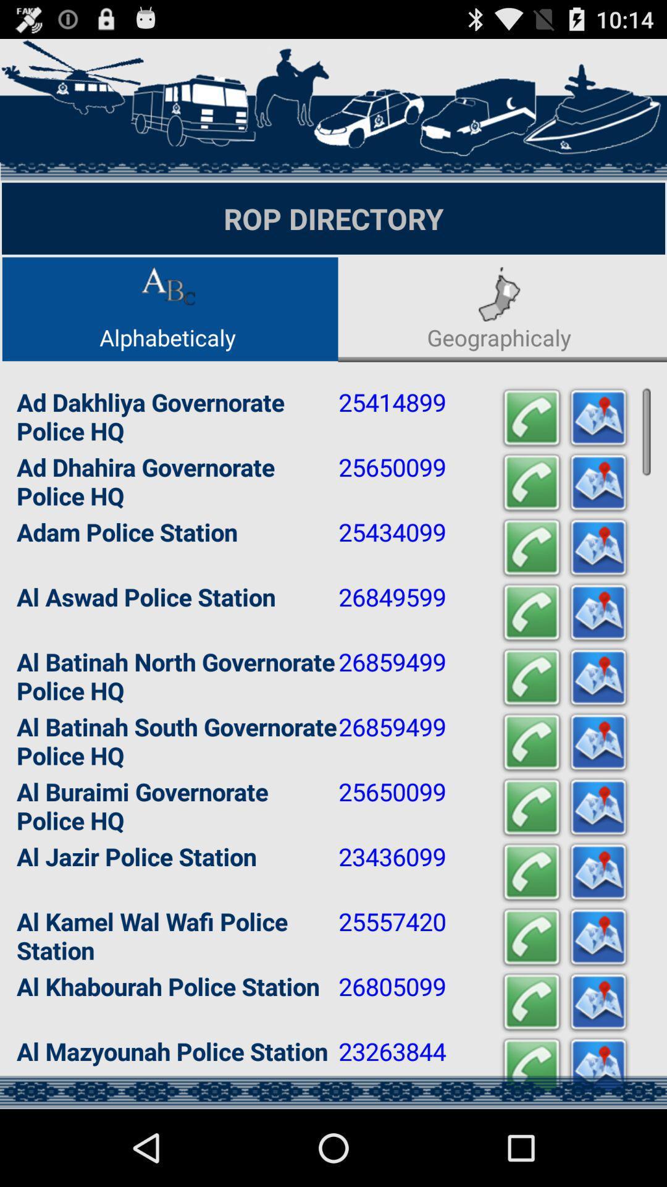 This screenshot has width=667, height=1187. I want to click on directions, so click(597, 937).